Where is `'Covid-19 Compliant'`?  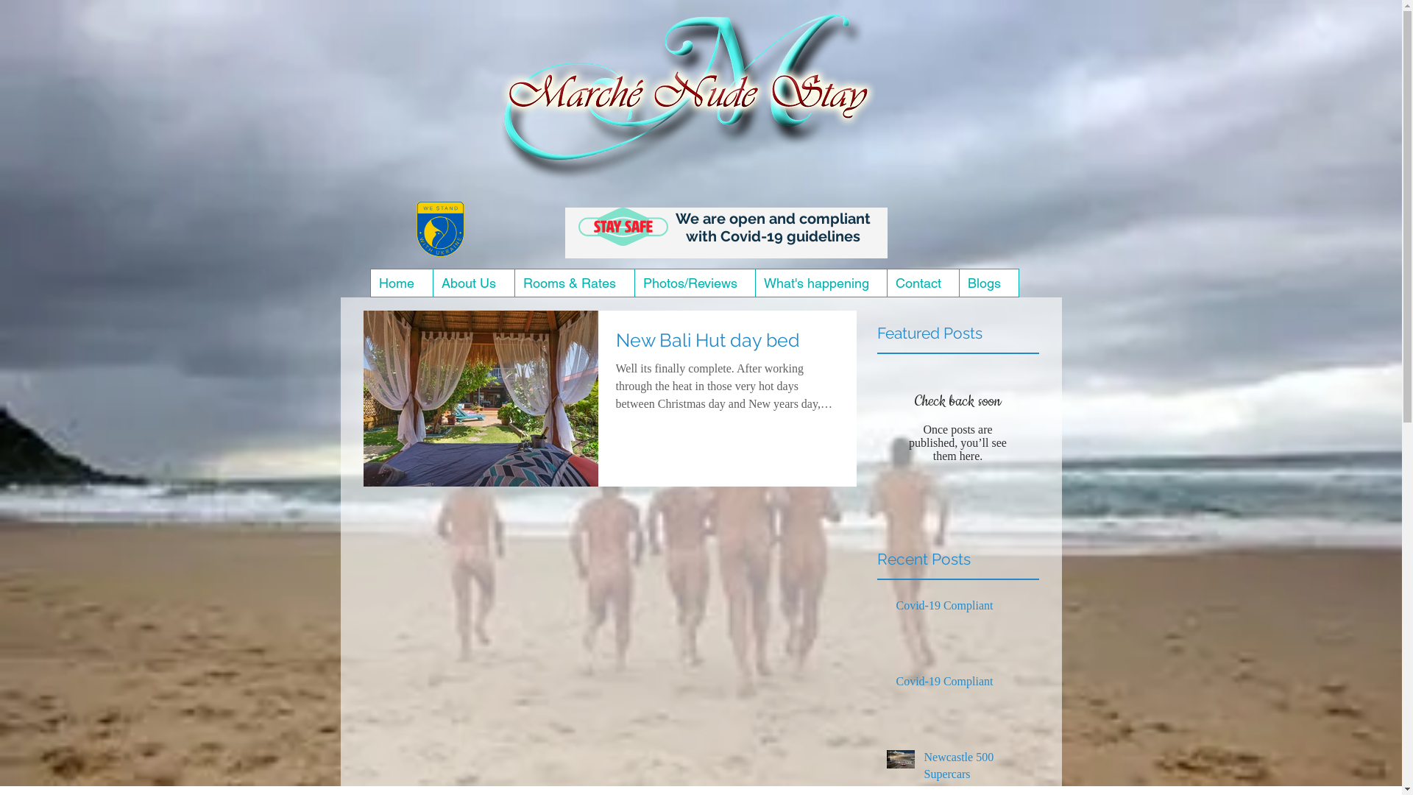
'Covid-19 Compliant' is located at coordinates (963, 684).